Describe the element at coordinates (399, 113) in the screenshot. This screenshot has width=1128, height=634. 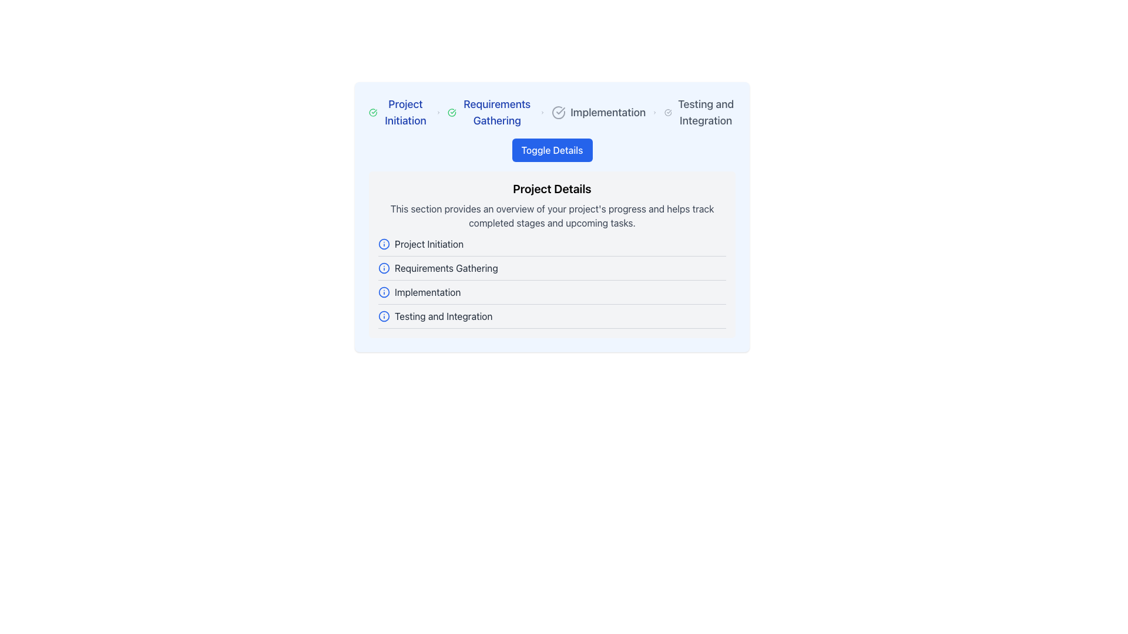
I see `the 'Project Initiation' labeled icon, which features a blue font and a green checkmark icon` at that location.